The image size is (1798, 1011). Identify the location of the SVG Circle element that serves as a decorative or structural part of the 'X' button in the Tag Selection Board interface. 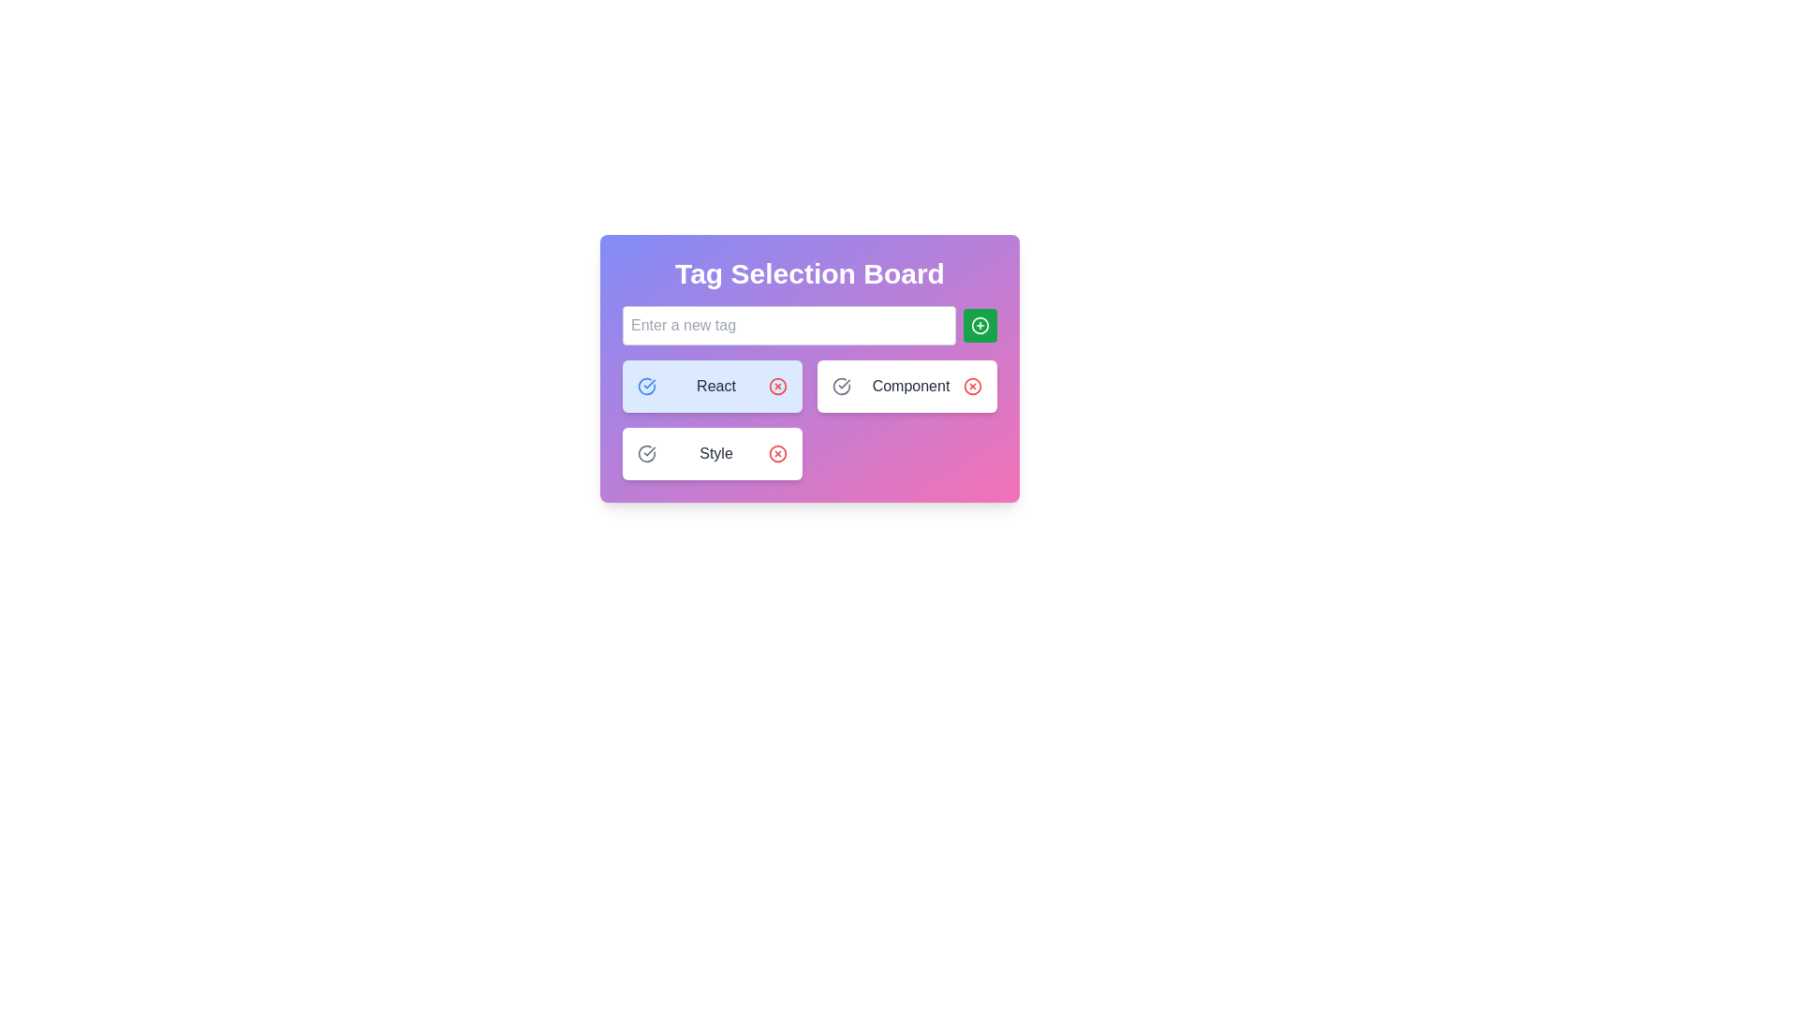
(972, 385).